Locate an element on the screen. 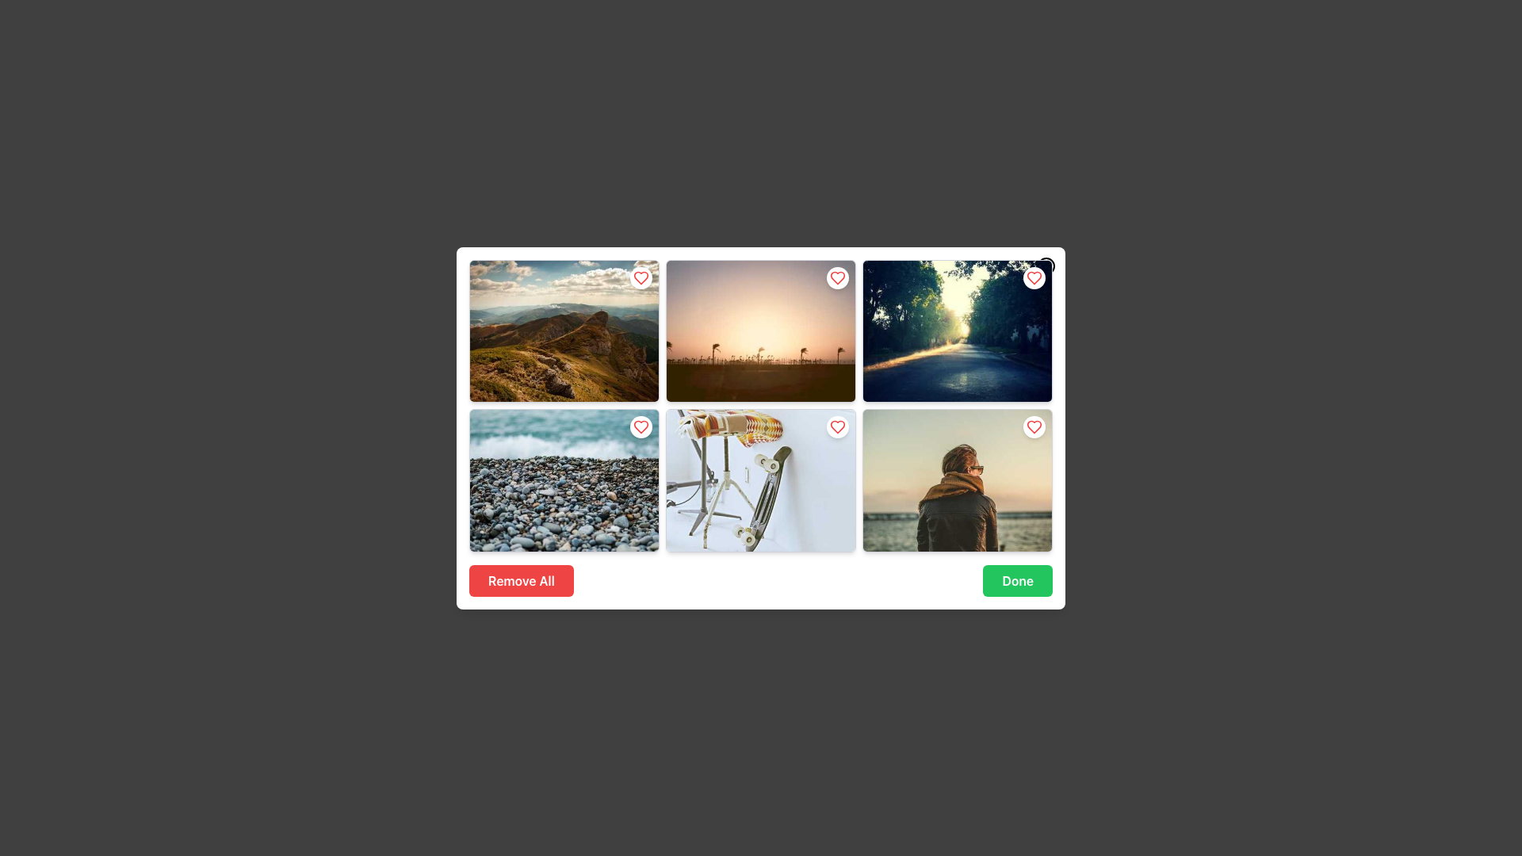 This screenshot has height=856, width=1522. the circular SVG graphic element located in the upper-right corner of the rightmost image in the second row of a grid layout, which functions as a button for removing or closing an associated item is located at coordinates (1046, 265).